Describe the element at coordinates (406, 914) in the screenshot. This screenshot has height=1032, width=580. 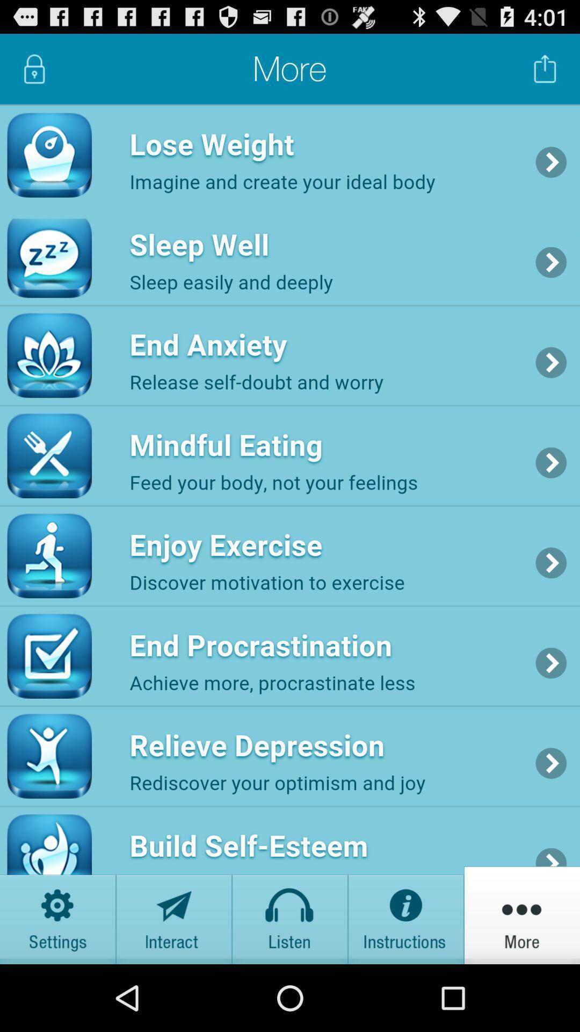
I see `get the instructions` at that location.